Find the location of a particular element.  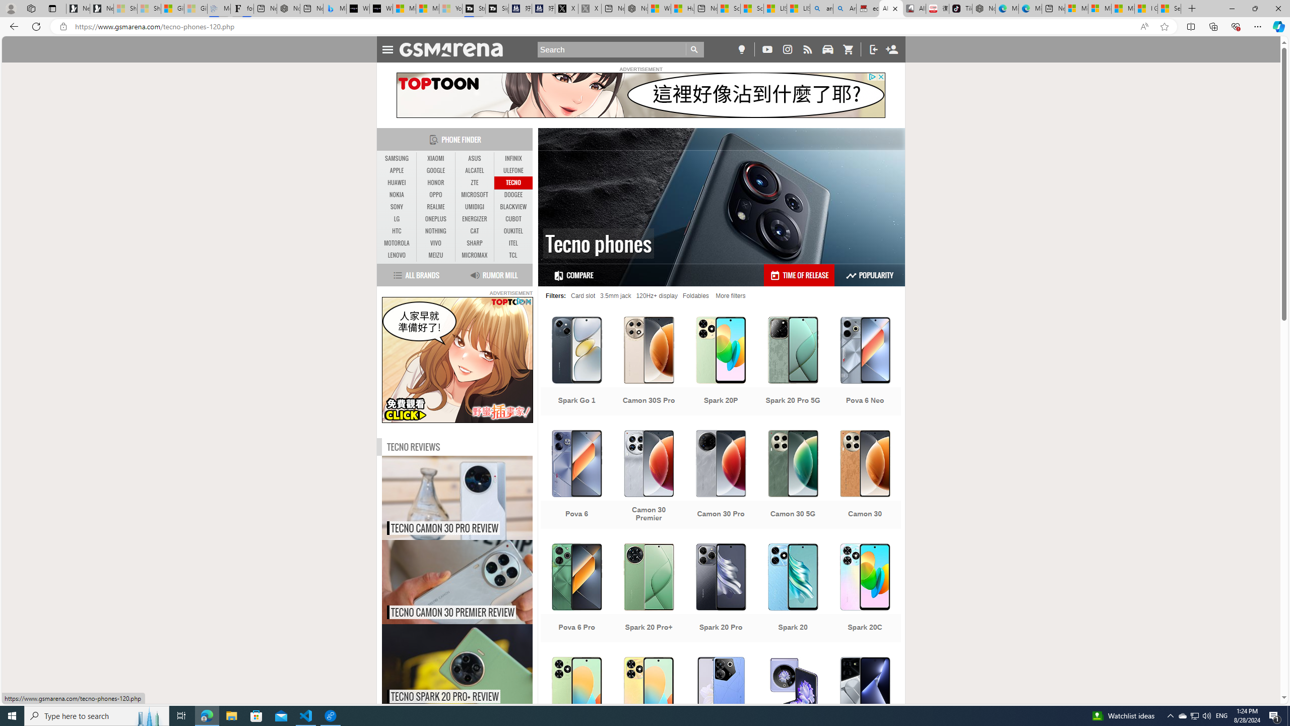

'REALME' is located at coordinates (435, 206).